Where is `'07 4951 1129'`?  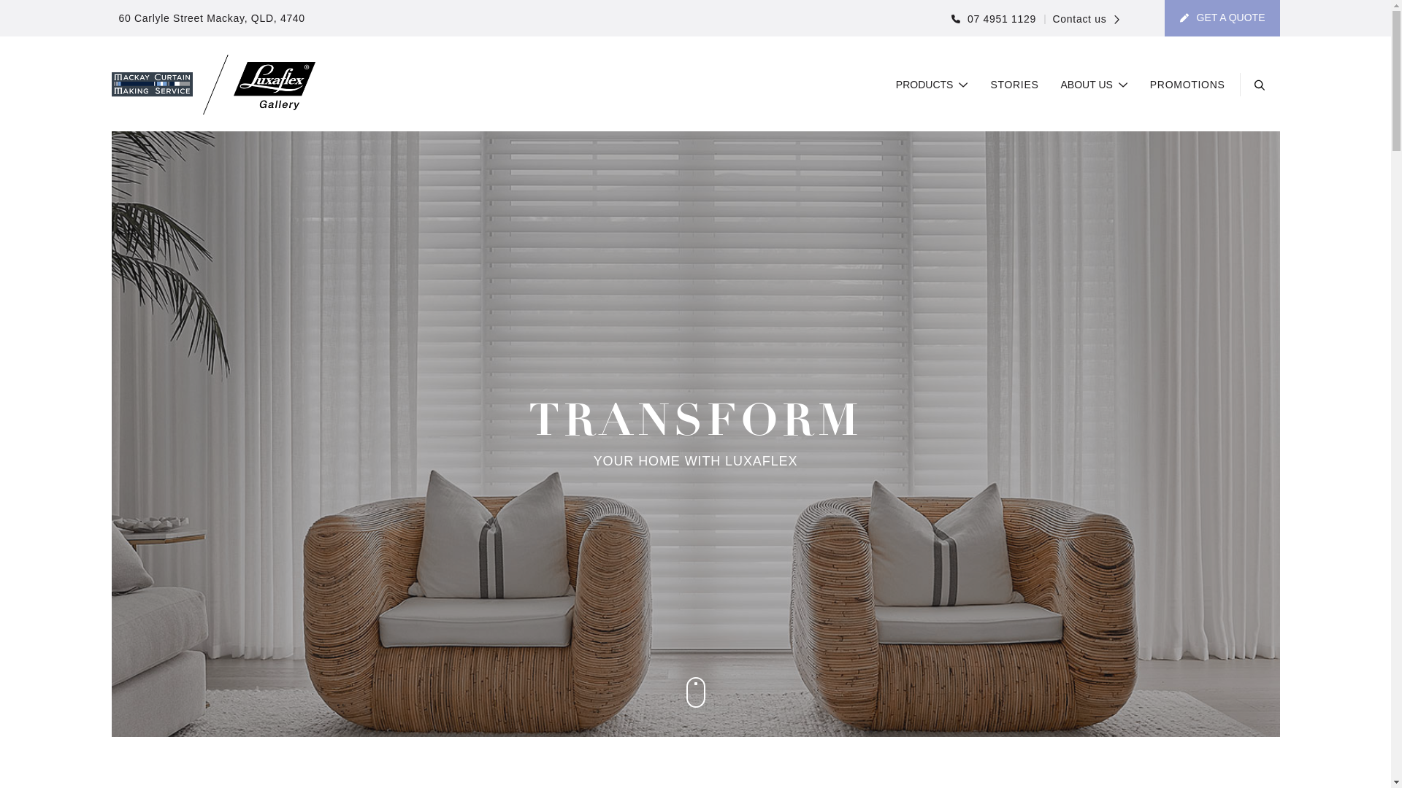
'07 4951 1129' is located at coordinates (993, 19).